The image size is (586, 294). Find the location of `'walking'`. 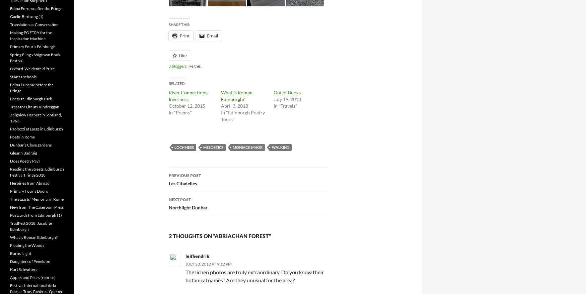

'walking' is located at coordinates (281, 146).